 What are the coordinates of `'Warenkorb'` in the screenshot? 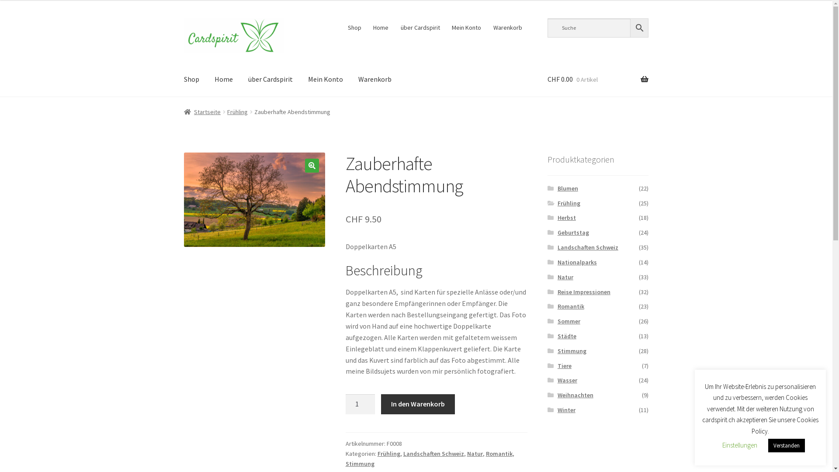 It's located at (375, 79).